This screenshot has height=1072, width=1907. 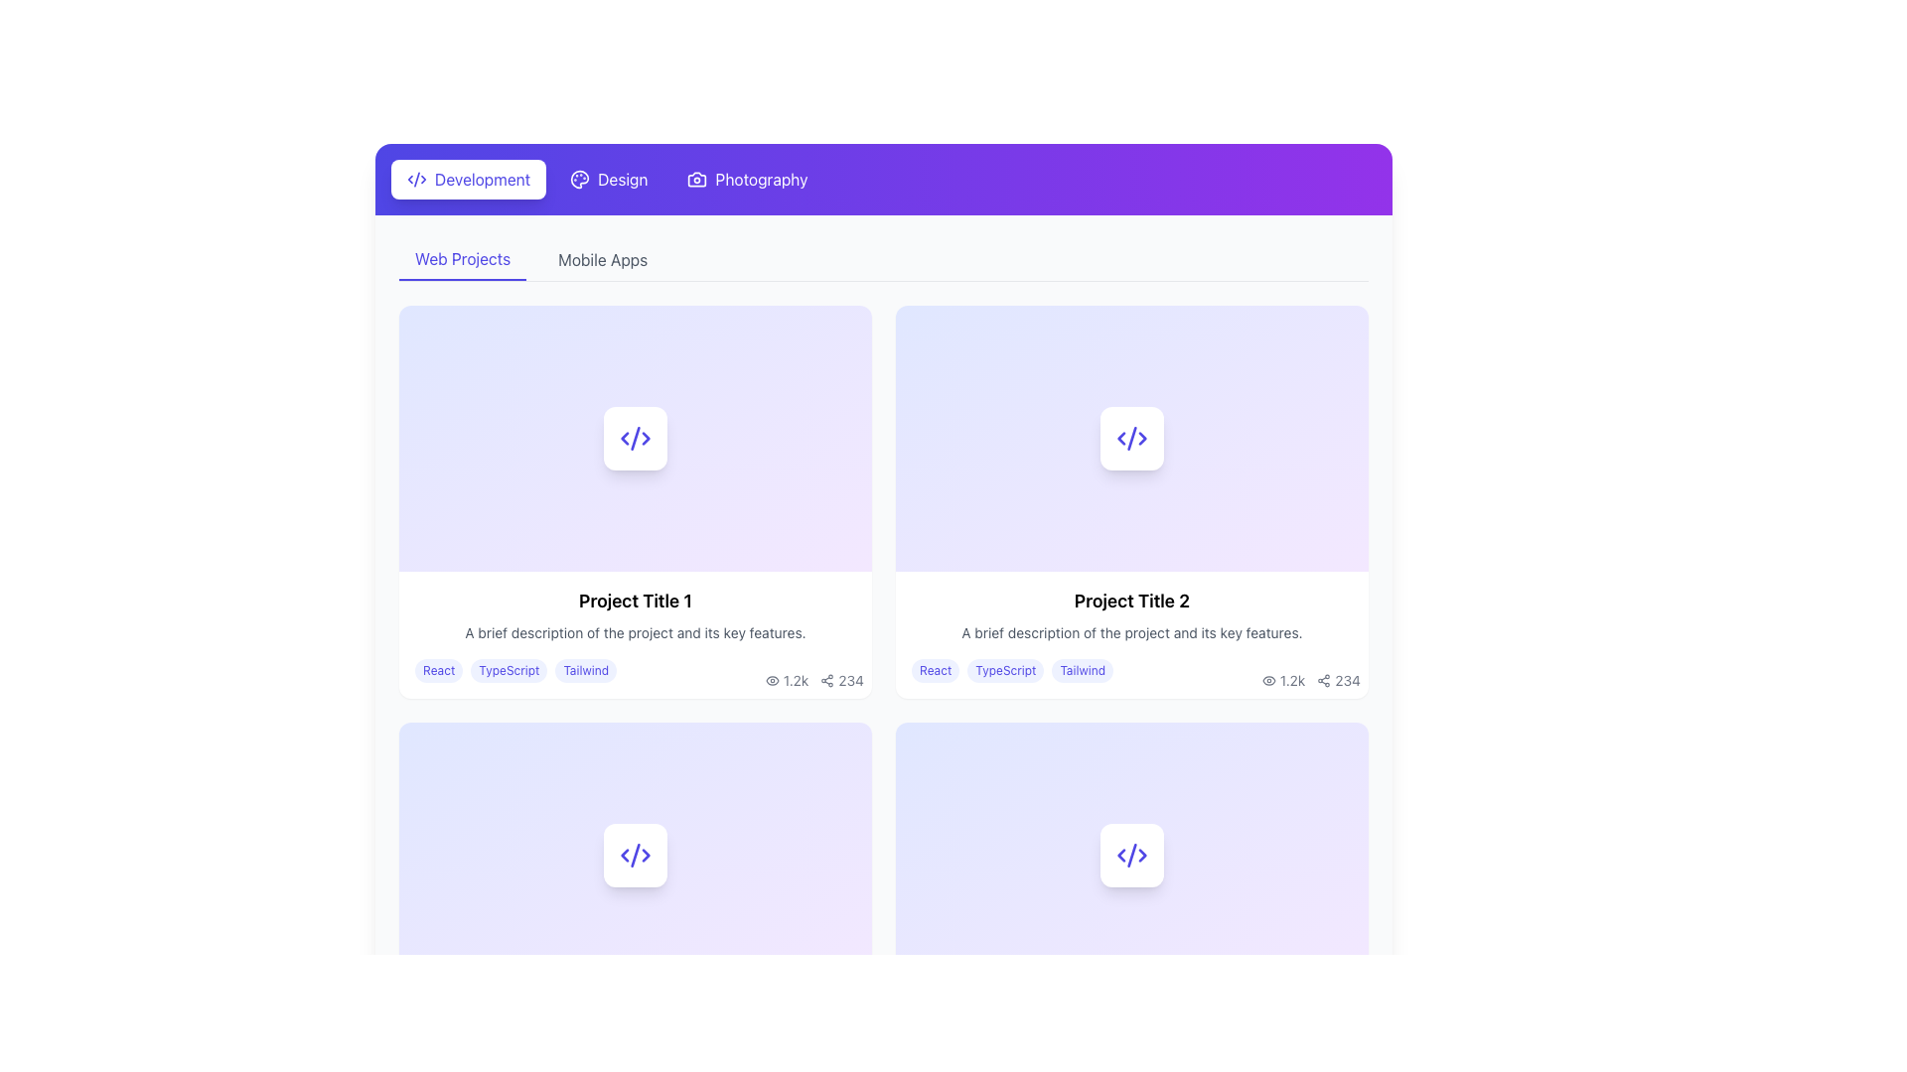 I want to click on Tailwind badge that is the third item in a horizontal list below 'Project Title 2', aligned with 'React' and 'TypeScript', so click(x=1082, y=670).